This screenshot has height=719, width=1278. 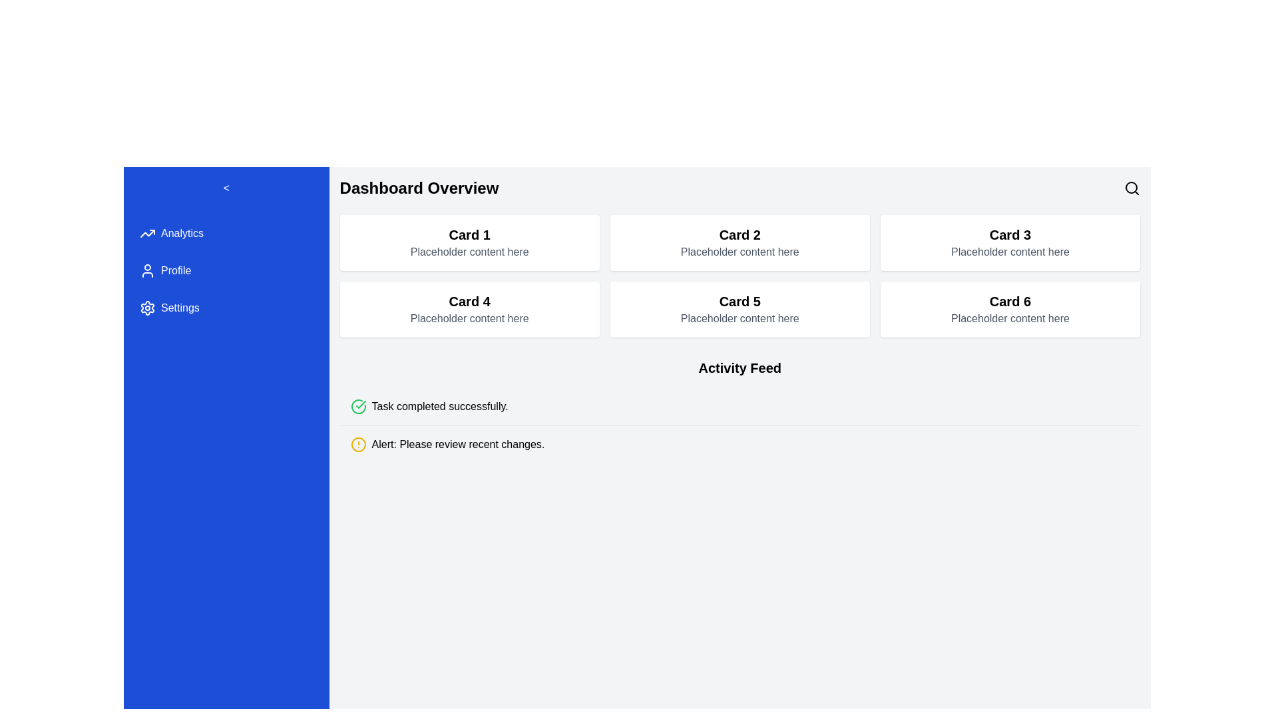 What do you see at coordinates (739, 301) in the screenshot?
I see `the static text label 'Card 5' which is styled with a prominent, extra-large font size and bold formatting, located at the center top of the fifth card in the grid layout` at bounding box center [739, 301].